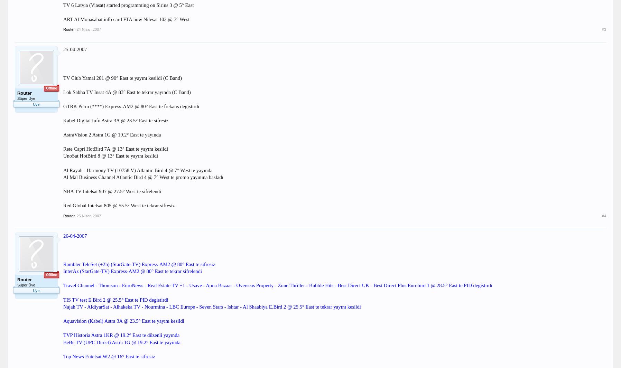 Image resolution: width=621 pixels, height=368 pixels. What do you see at coordinates (127, 92) in the screenshot?
I see `'Lok Sabha TV Insat 4A @ 83° East te tekrar yayında (C Band)'` at bounding box center [127, 92].